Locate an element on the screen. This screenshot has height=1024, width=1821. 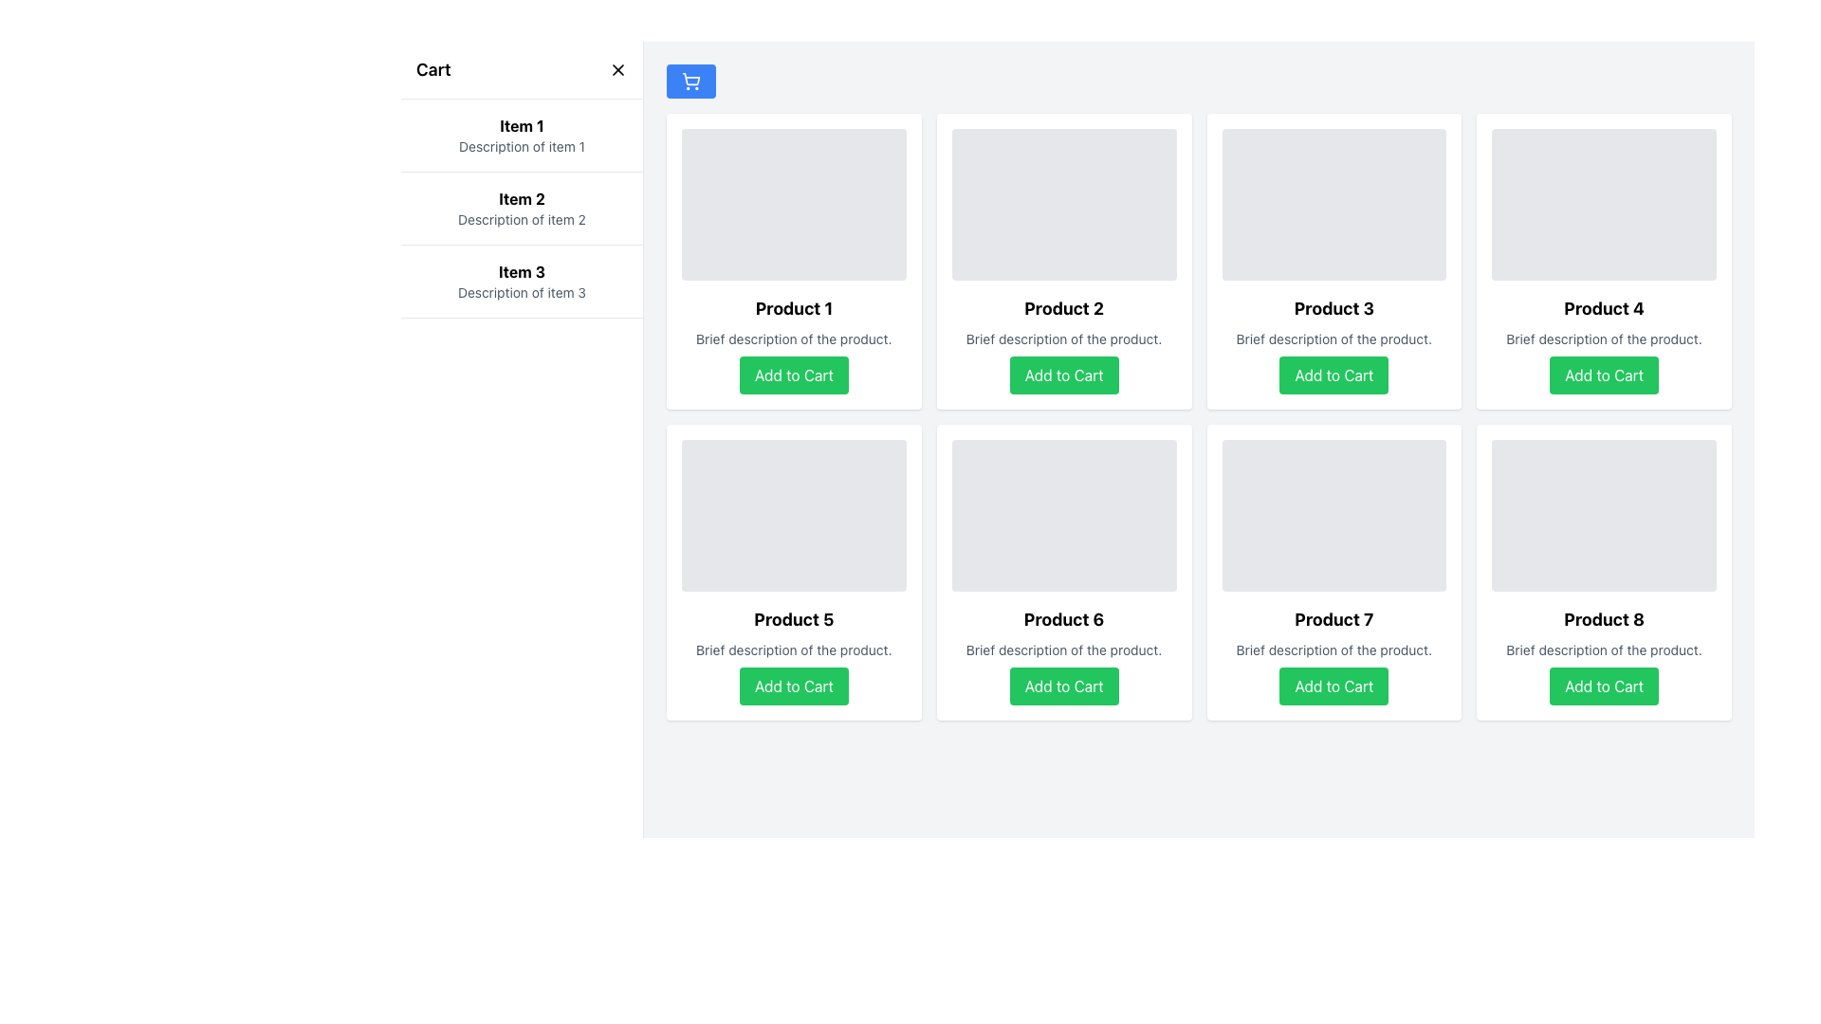
the 'Add to Cart' button for 'Product 8' located at the bottom right of its card is located at coordinates (1603, 686).